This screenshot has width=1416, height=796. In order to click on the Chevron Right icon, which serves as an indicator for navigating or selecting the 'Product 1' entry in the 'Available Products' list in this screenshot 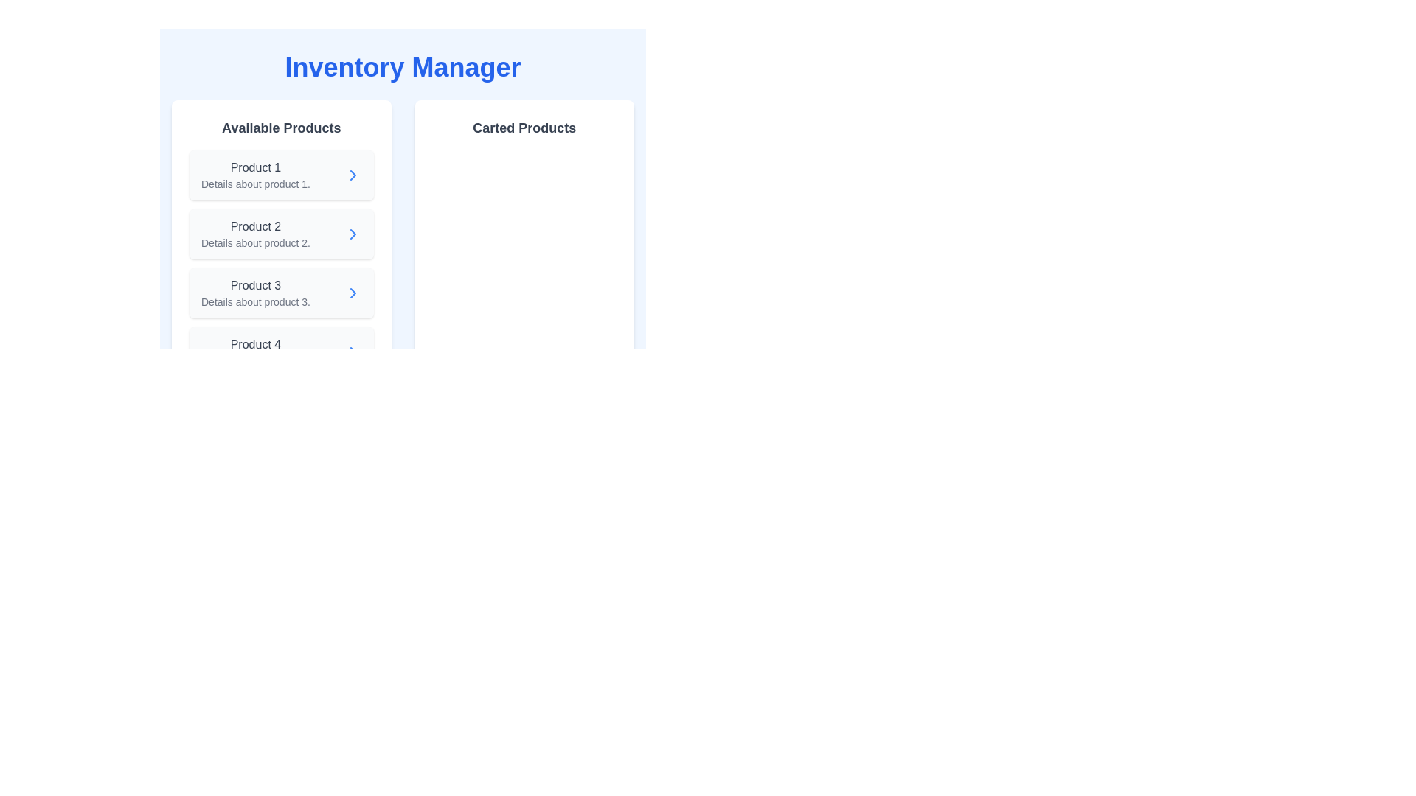, I will do `click(352, 175)`.